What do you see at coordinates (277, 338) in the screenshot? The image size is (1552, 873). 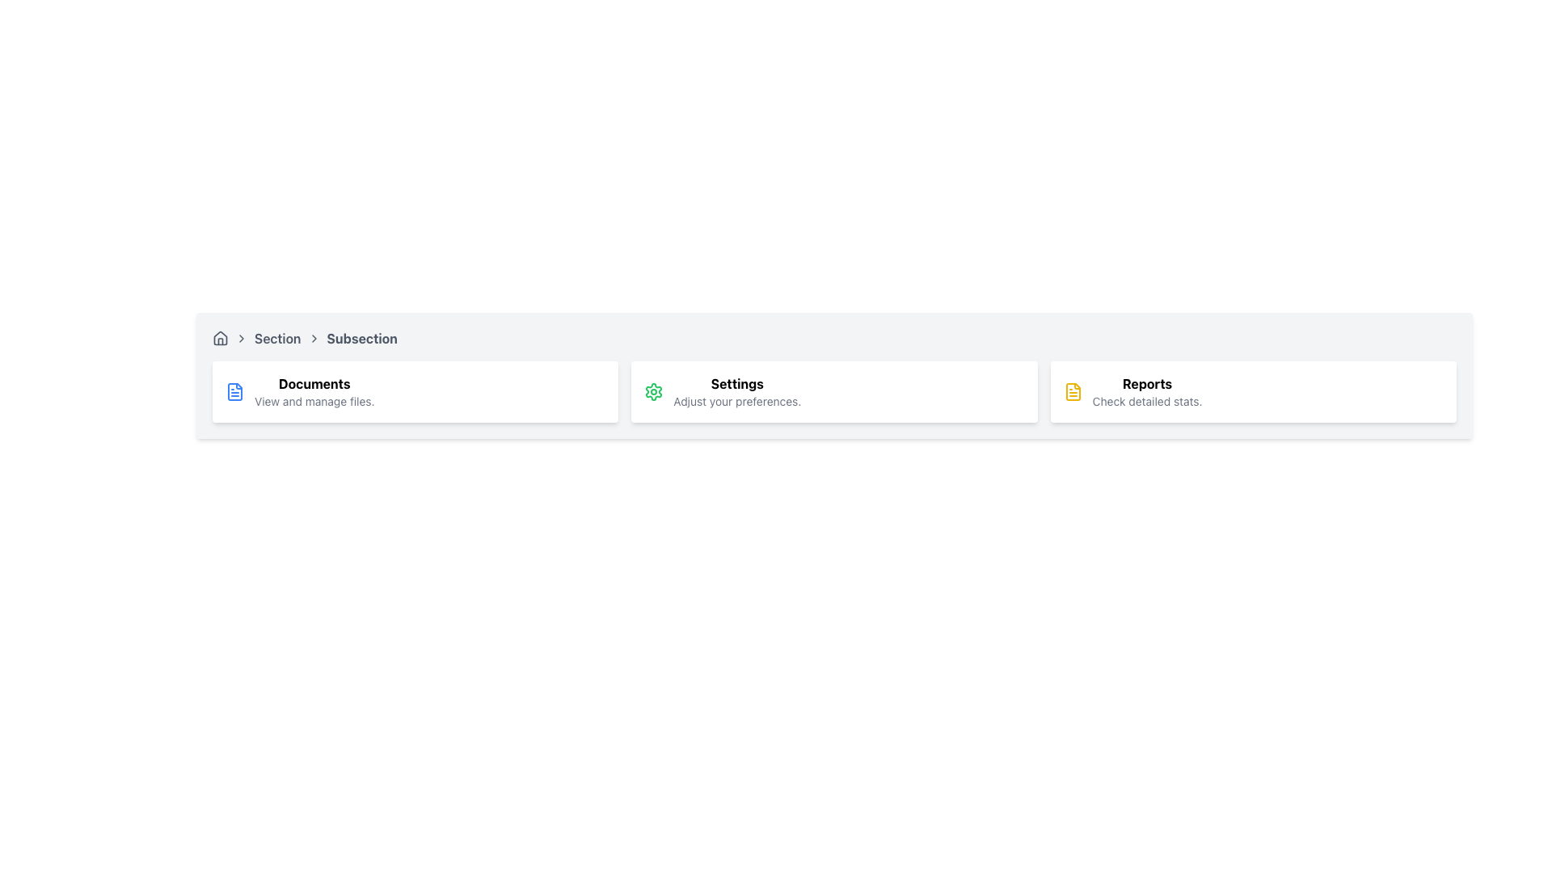 I see `the bold, underlined text labeled 'Section' in the breadcrumb navigation bar` at bounding box center [277, 338].